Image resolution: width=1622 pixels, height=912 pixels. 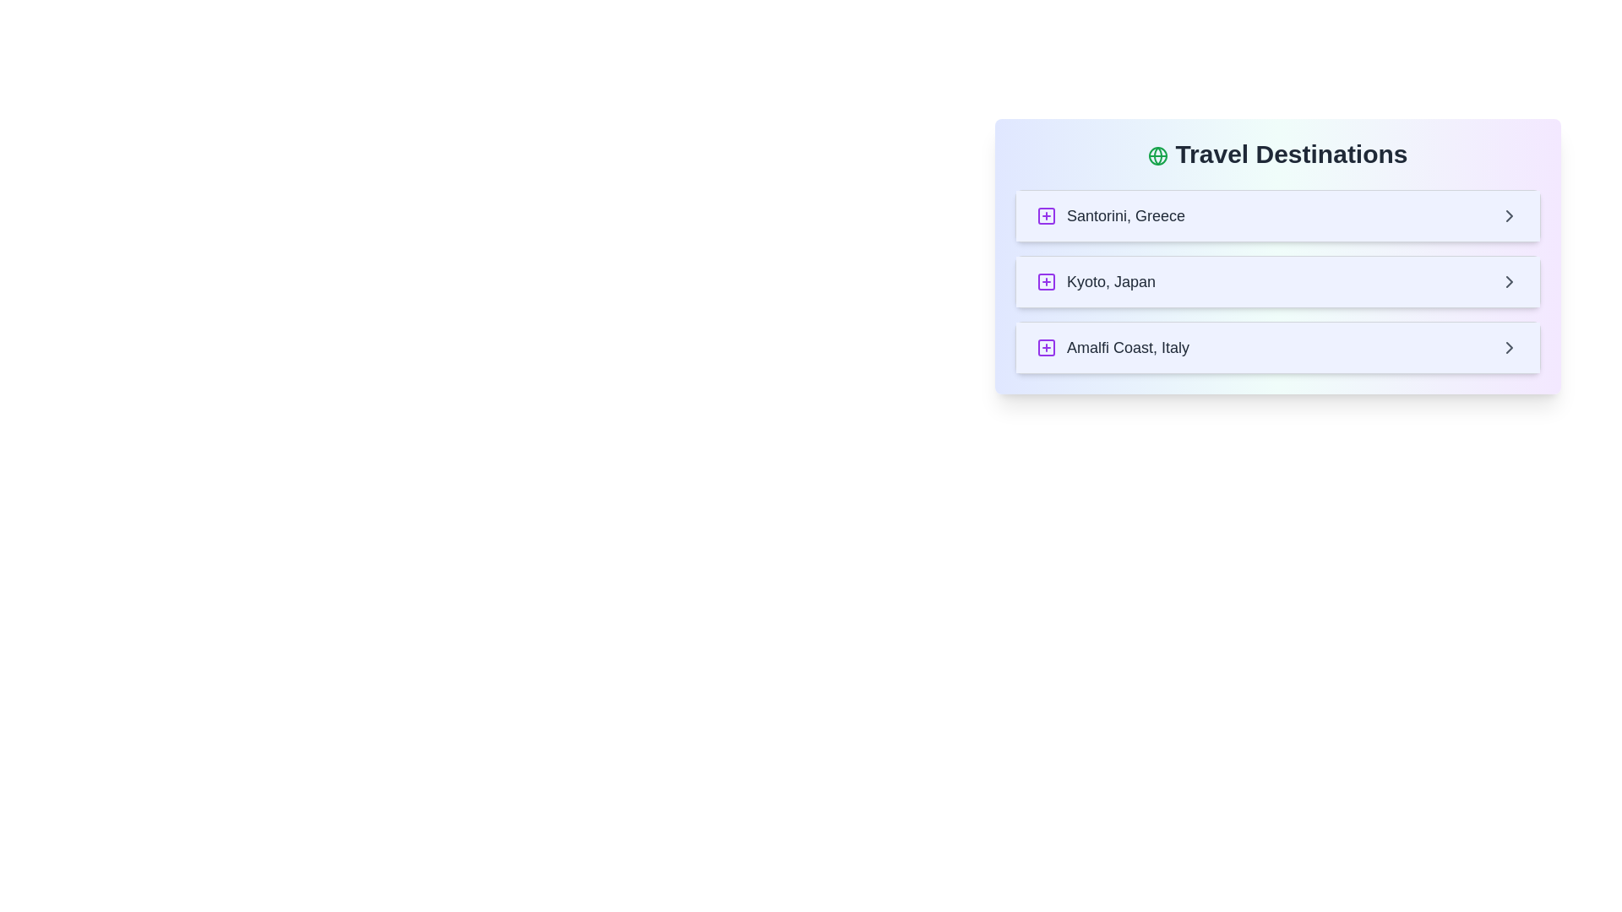 What do you see at coordinates (1045, 281) in the screenshot?
I see `the small square with rounded corners styled in purple, part of the plus-square icon located near the text 'Kyoto, Japan', positioned on the left side of the second list item` at bounding box center [1045, 281].